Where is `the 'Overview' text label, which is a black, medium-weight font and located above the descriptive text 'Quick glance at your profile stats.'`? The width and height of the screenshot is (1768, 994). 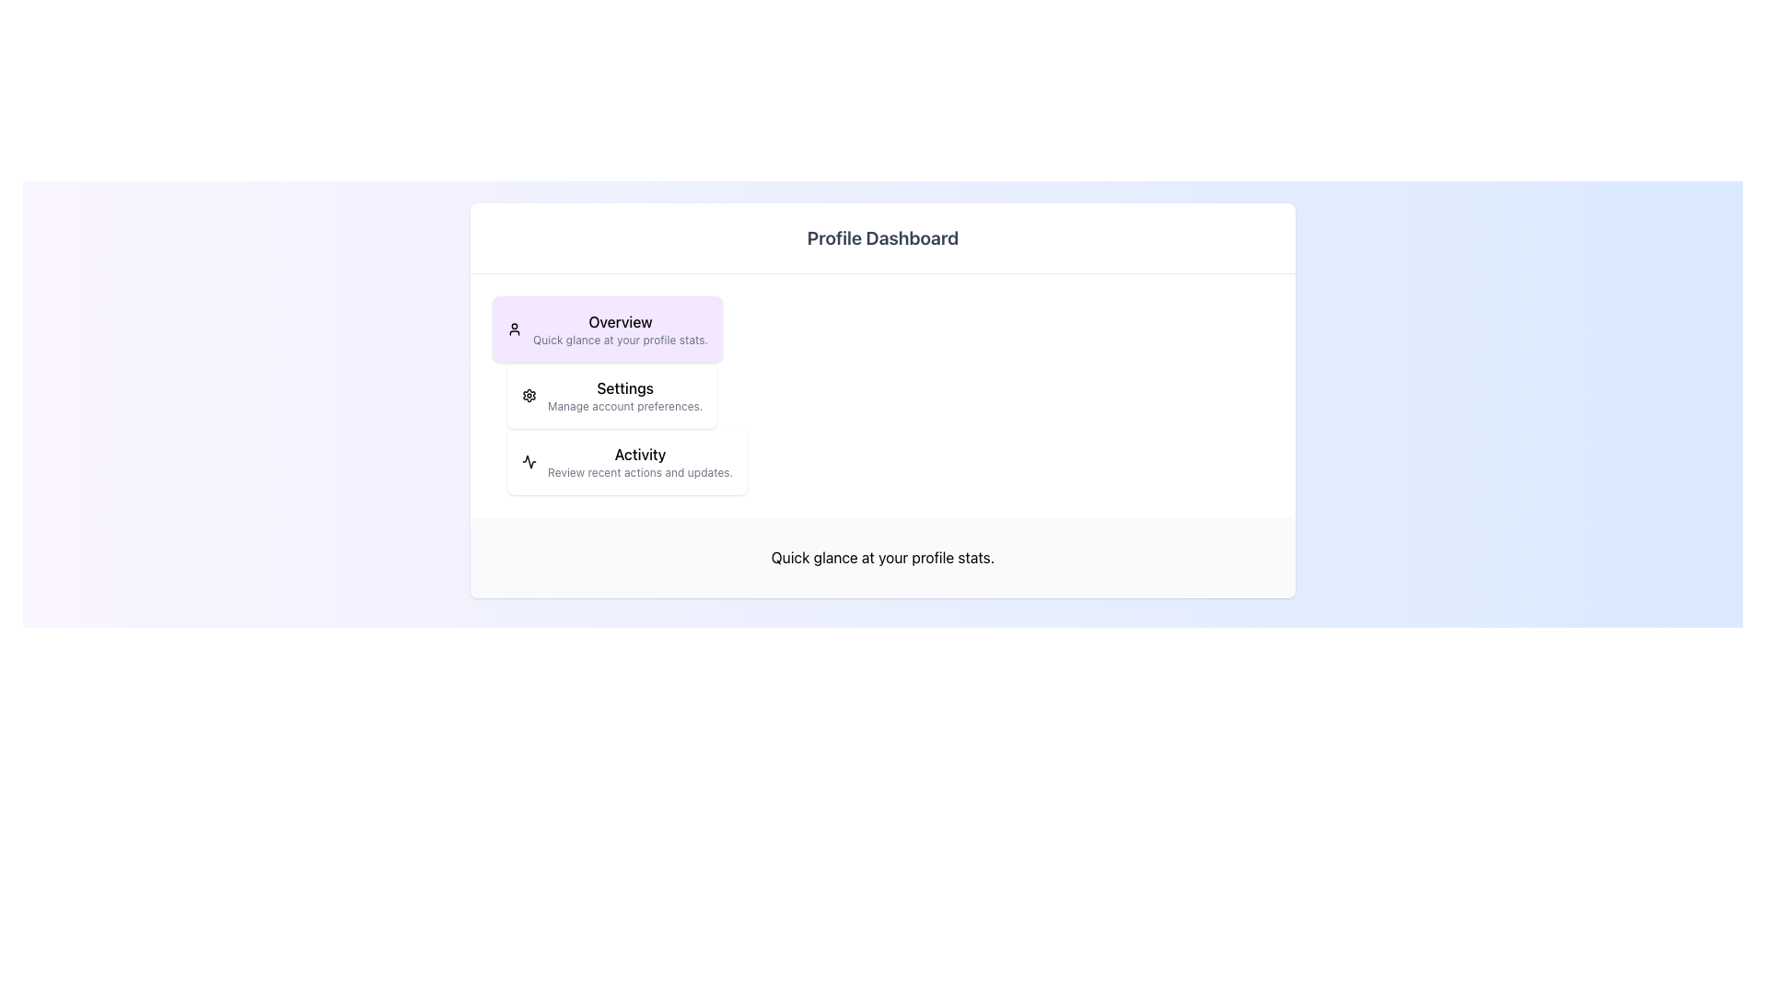
the 'Overview' text label, which is a black, medium-weight font and located above the descriptive text 'Quick glance at your profile stats.' is located at coordinates (621, 321).